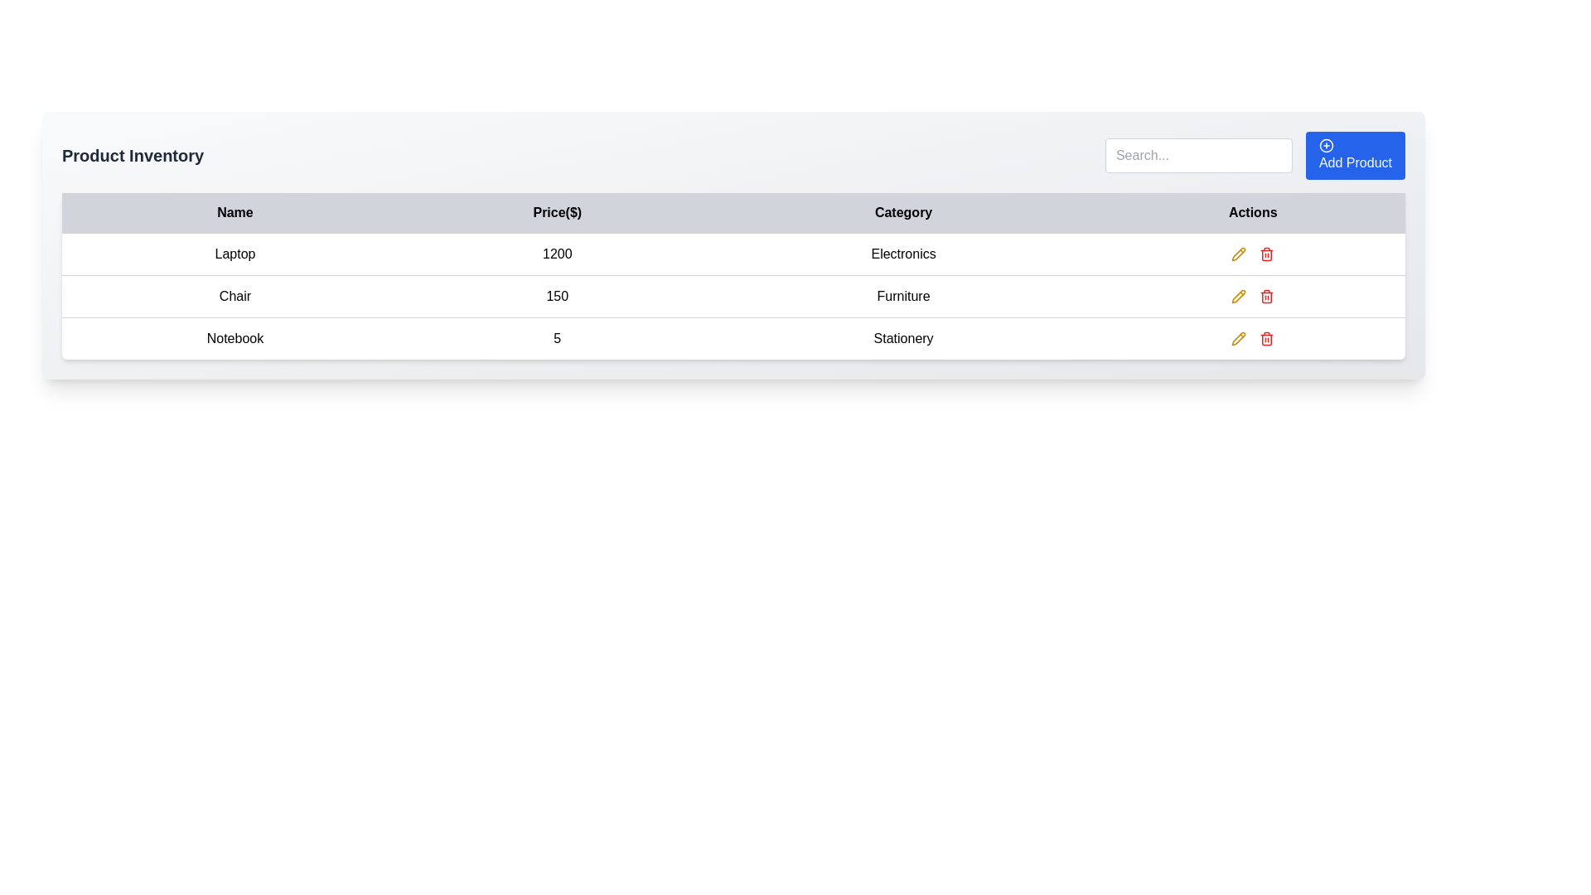 The height and width of the screenshot is (895, 1591). I want to click on the delete icon in the actions column of the row corresponding to the item 'Chair', so click(1266, 254).